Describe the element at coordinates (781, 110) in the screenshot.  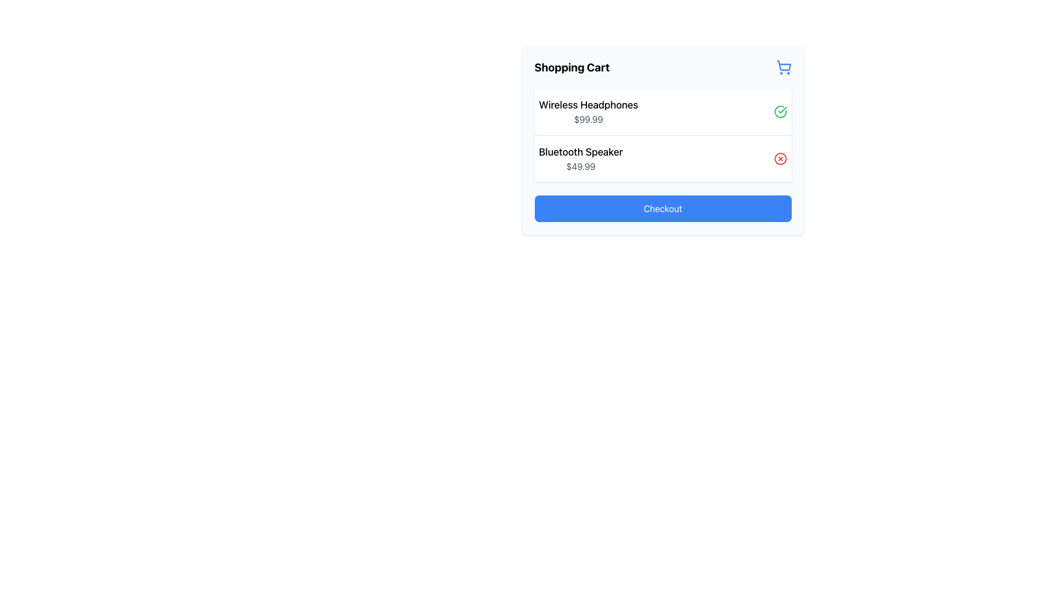
I see `the green checkmark icon indicating a positive action in the 'Wireless Headphones' row of the shopping cart` at that location.